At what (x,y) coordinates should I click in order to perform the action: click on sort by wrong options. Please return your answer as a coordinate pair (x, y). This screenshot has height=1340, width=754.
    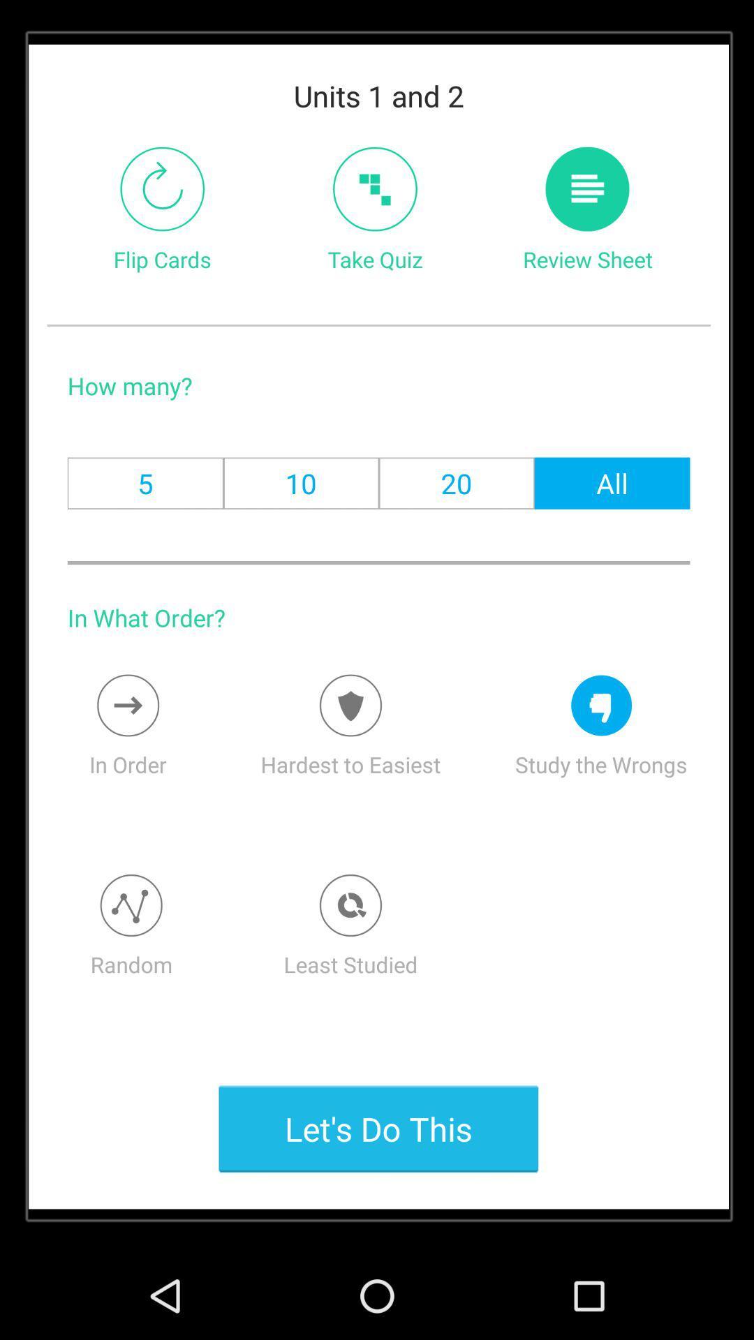
    Looking at the image, I should click on (600, 706).